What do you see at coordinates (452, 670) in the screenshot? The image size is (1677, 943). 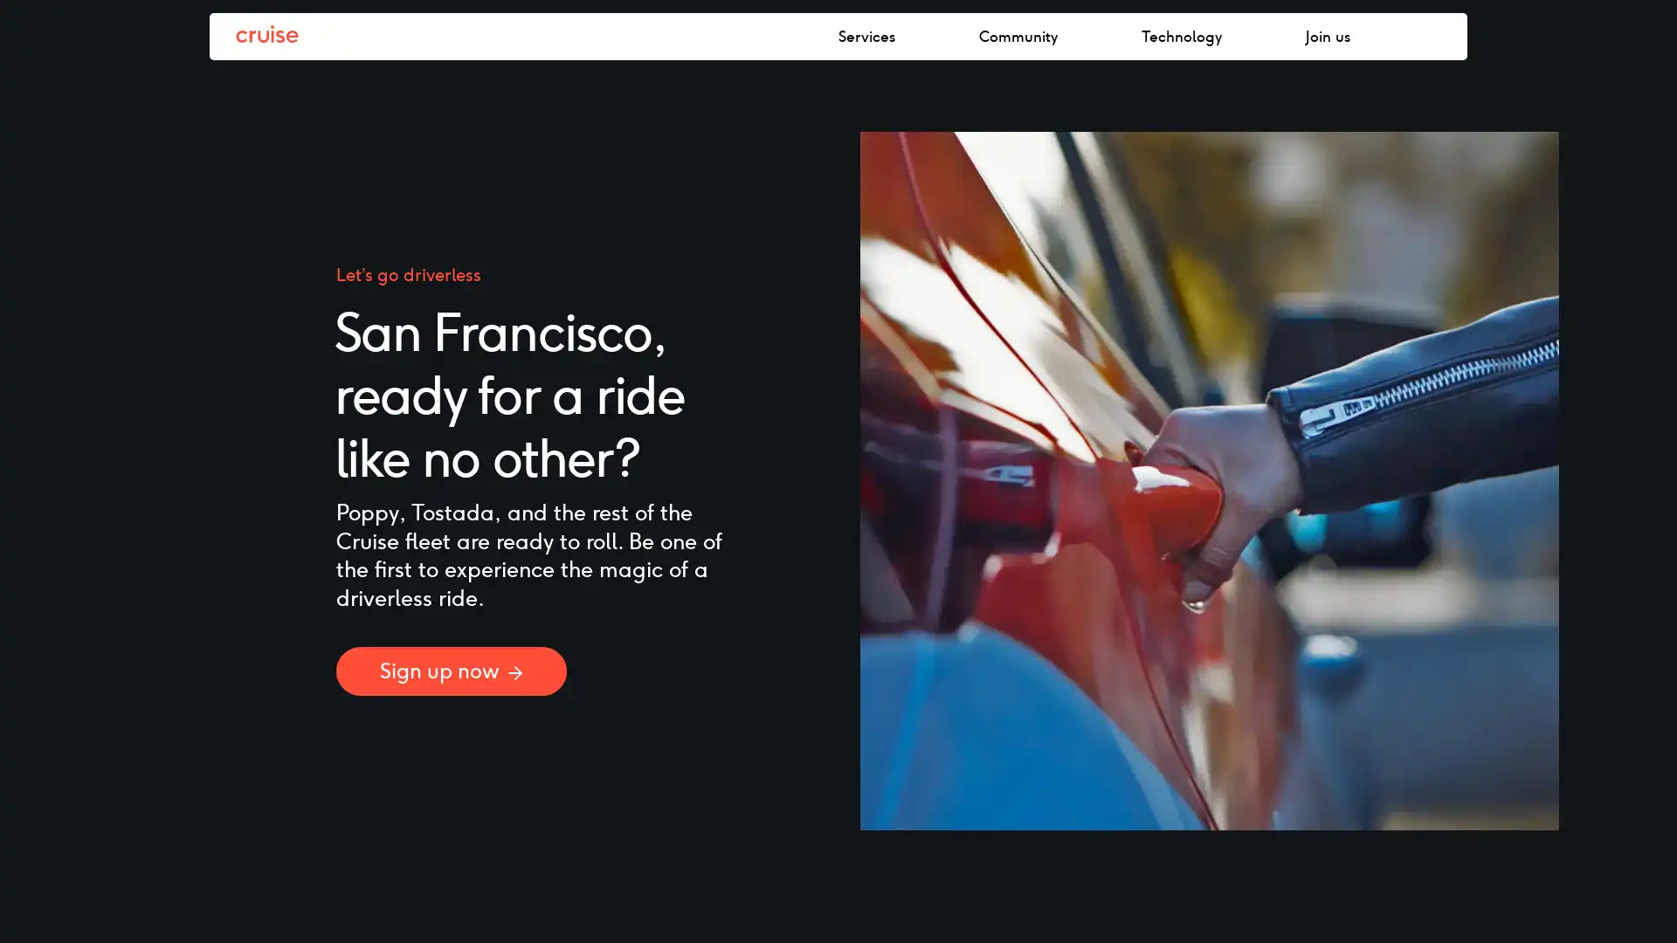 I see `Sign up now` at bounding box center [452, 670].